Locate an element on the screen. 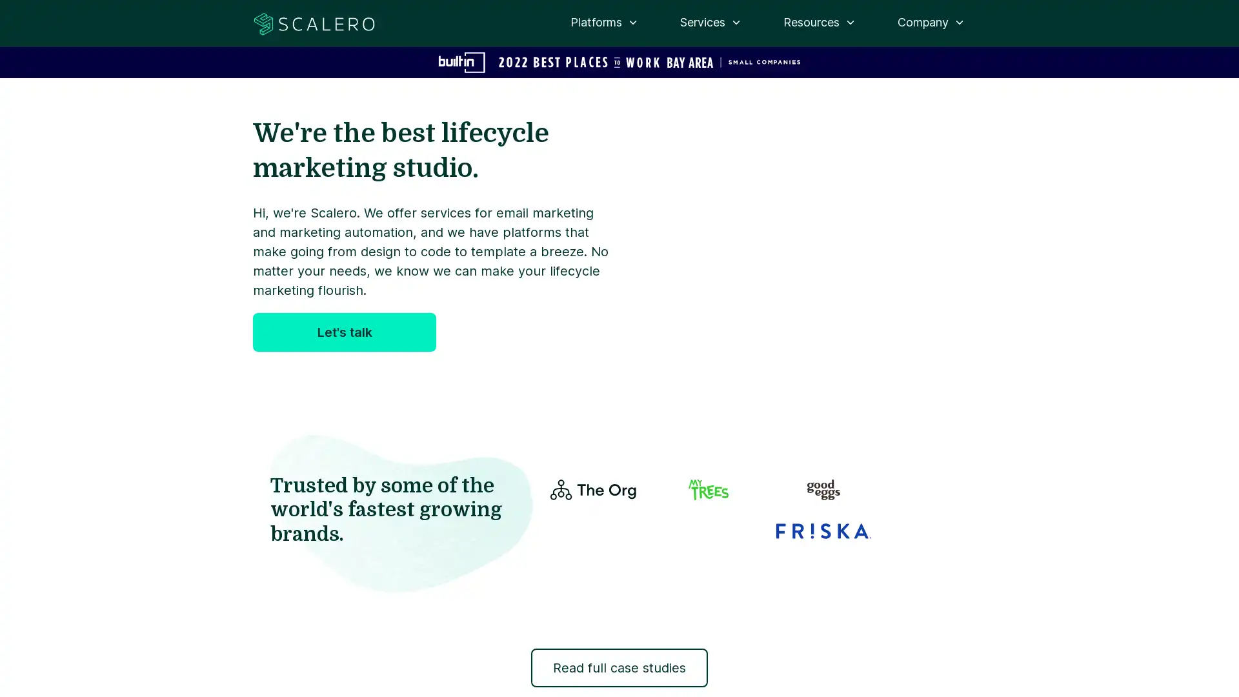 The image size is (1239, 697). Let's talk is located at coordinates (344, 330).